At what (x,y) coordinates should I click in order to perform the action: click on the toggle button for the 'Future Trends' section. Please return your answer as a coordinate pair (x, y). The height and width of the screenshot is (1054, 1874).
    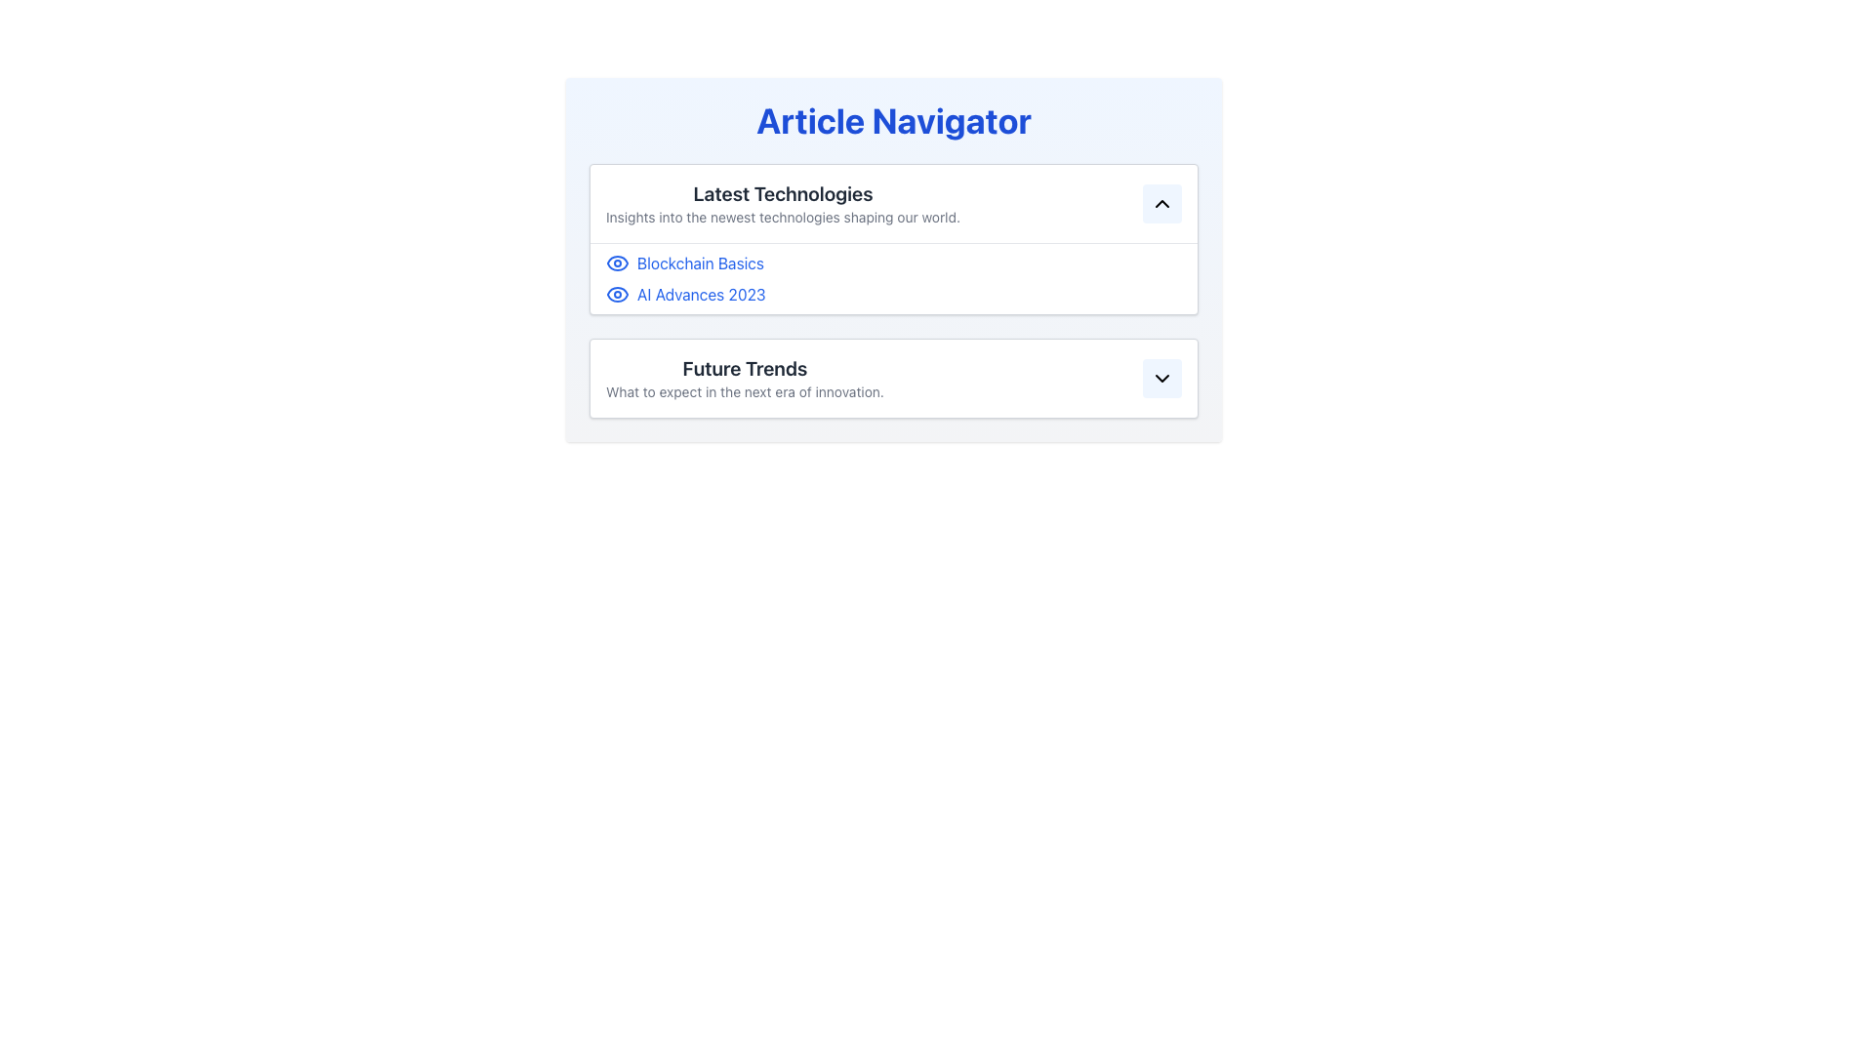
    Looking at the image, I should click on (1161, 379).